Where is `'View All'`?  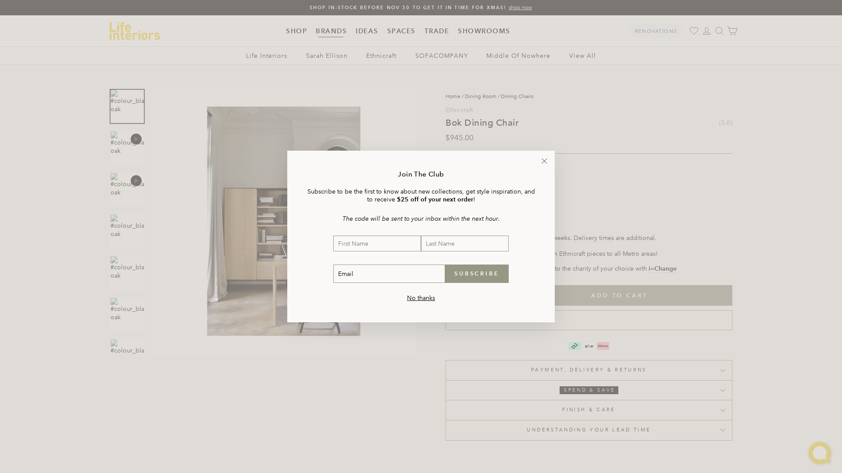
'View All' is located at coordinates (569, 56).